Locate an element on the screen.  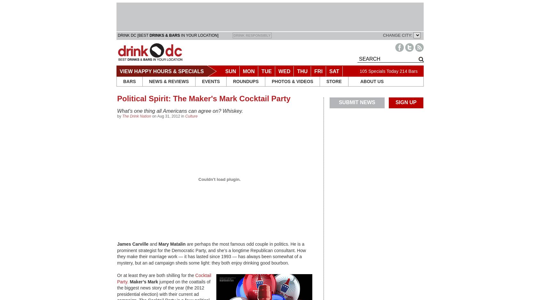
'MON' is located at coordinates (248, 71).